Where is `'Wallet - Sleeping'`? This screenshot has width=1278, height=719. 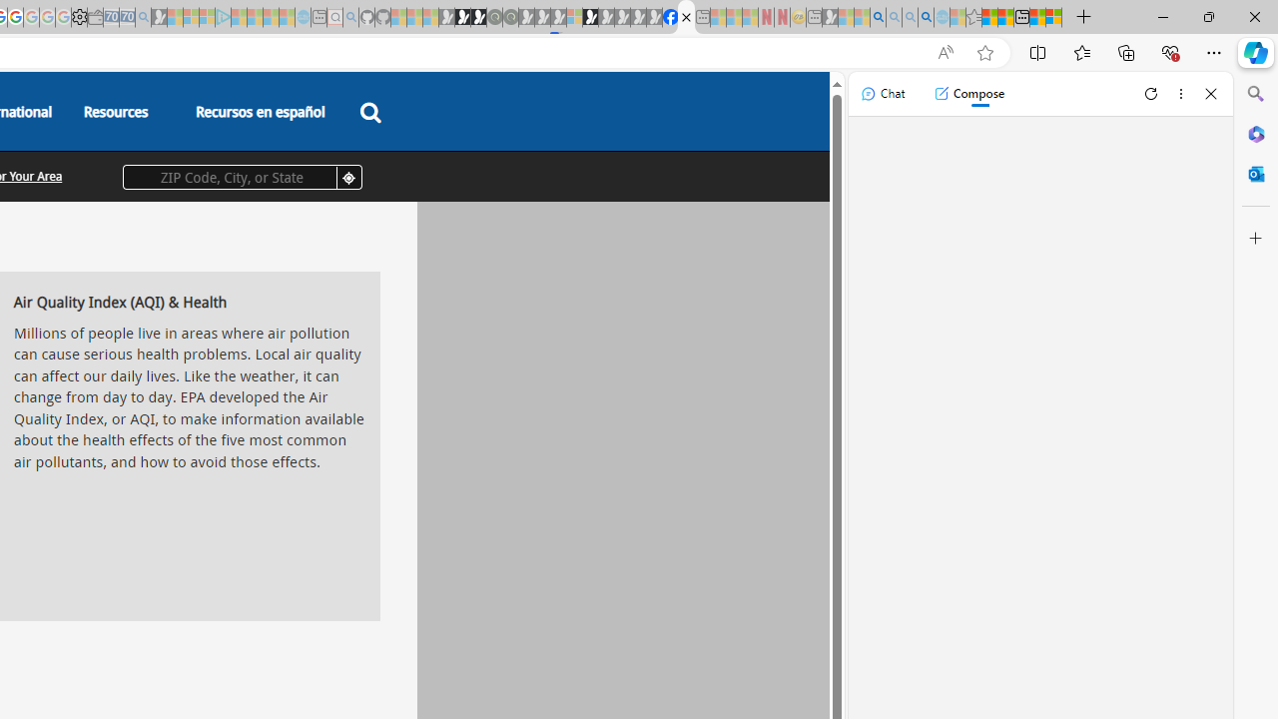 'Wallet - Sleeping' is located at coordinates (95, 17).